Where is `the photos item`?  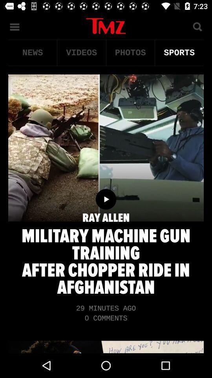 the photos item is located at coordinates (130, 52).